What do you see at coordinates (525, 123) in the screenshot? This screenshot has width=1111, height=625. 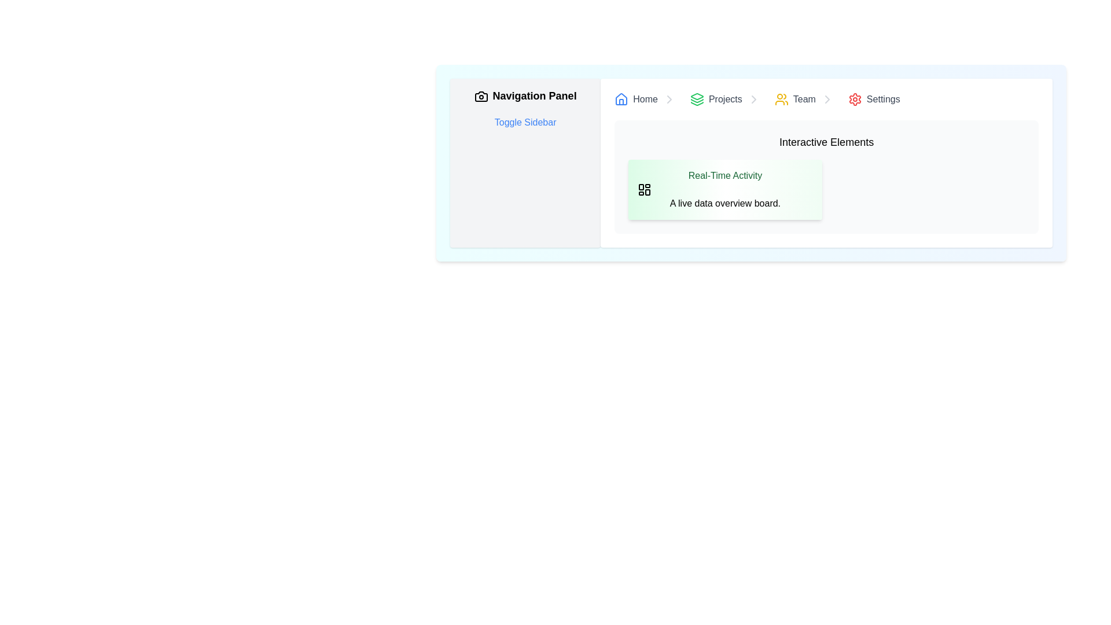 I see `the second text link button in the Navigation Panel` at bounding box center [525, 123].